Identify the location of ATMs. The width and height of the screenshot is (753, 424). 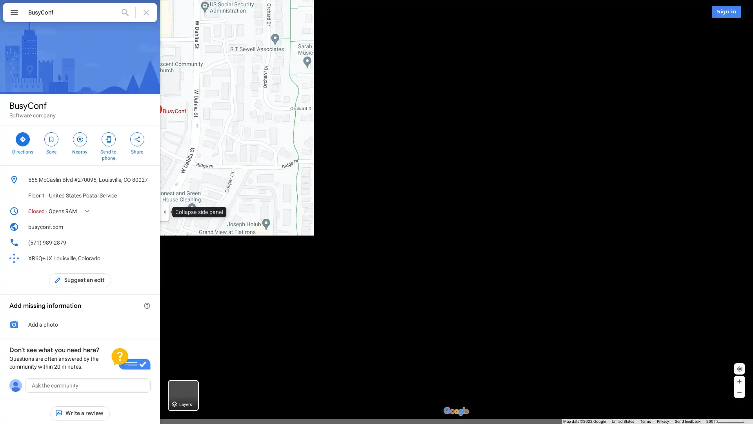
(444, 12).